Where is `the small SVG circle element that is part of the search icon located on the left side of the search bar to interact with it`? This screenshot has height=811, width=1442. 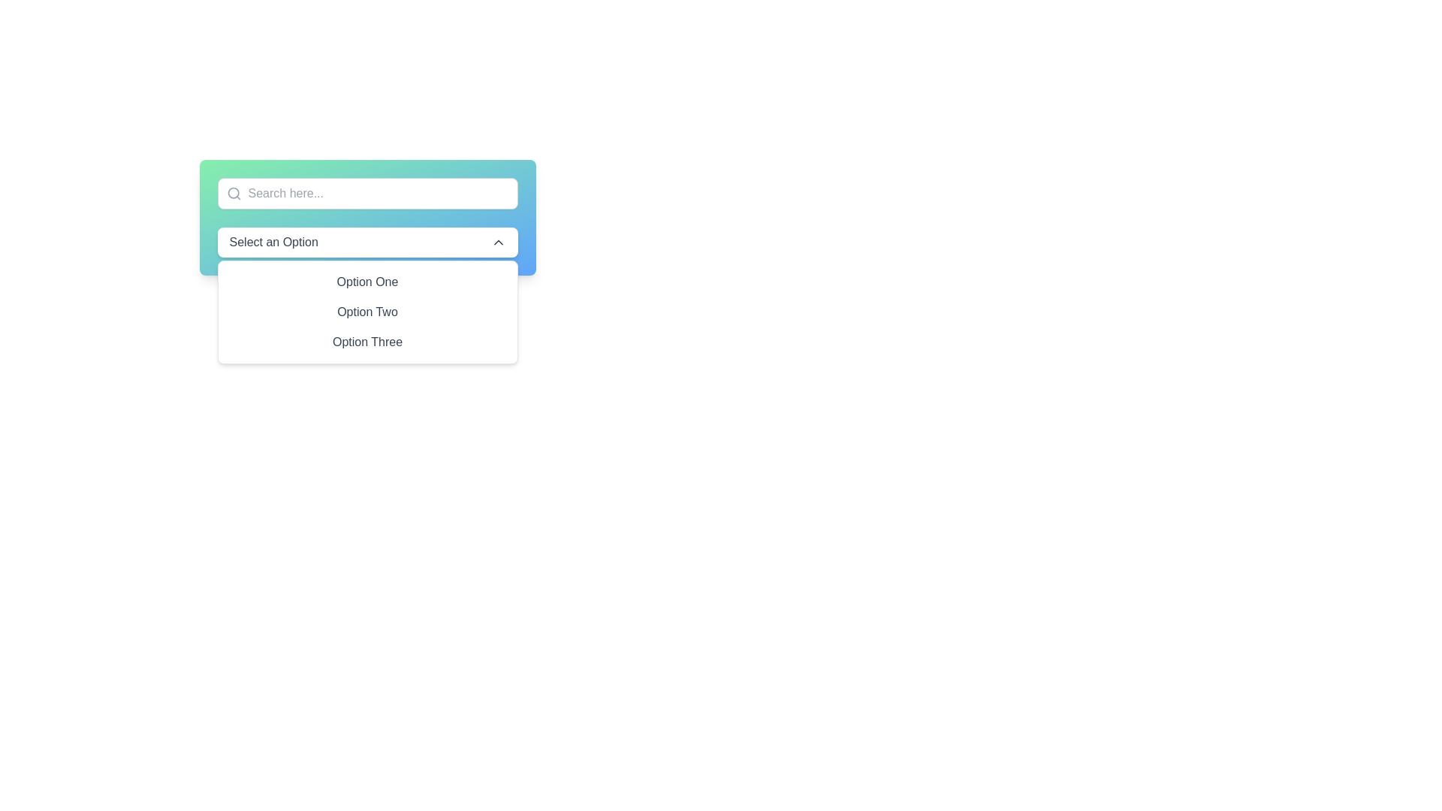
the small SVG circle element that is part of the search icon located on the left side of the search bar to interact with it is located at coordinates (232, 192).